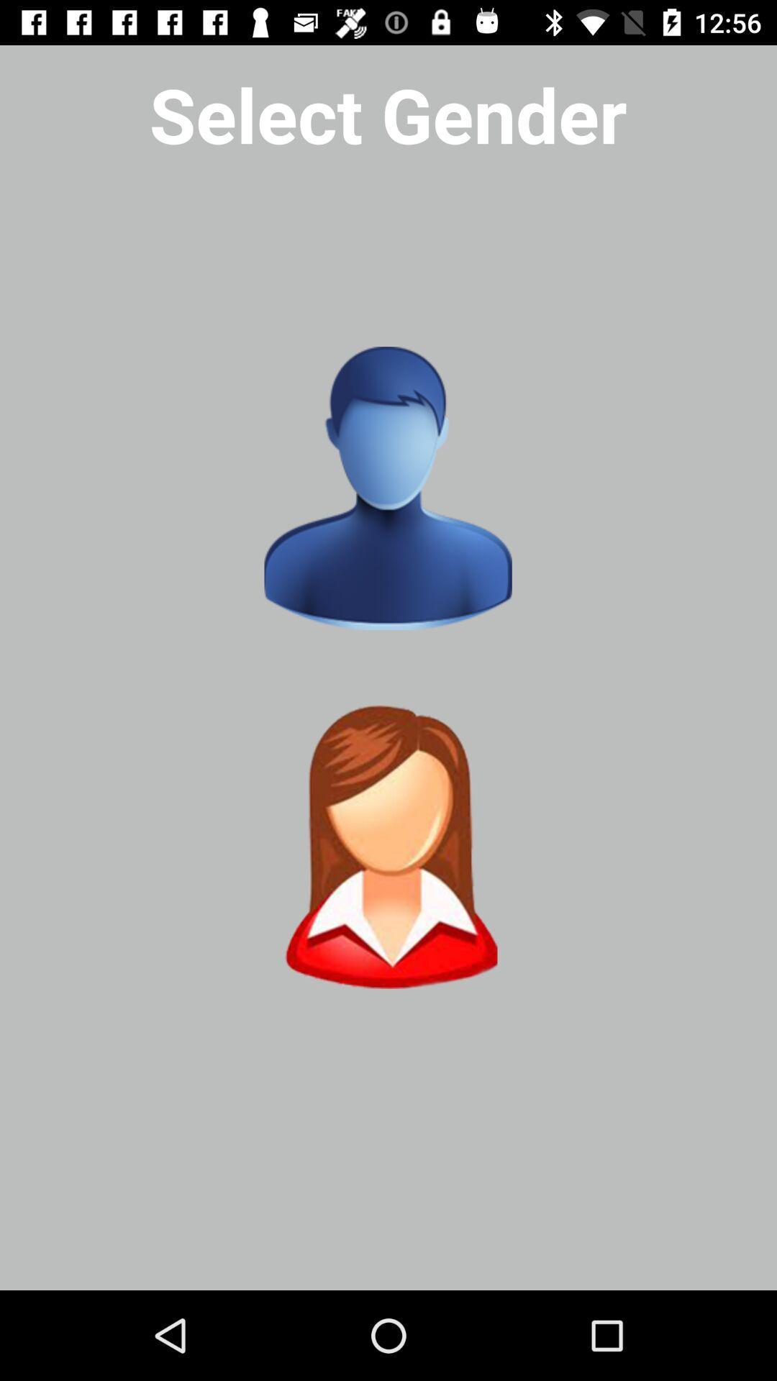 The image size is (777, 1381). What do you see at coordinates (387, 847) in the screenshot?
I see `click contact female icon` at bounding box center [387, 847].